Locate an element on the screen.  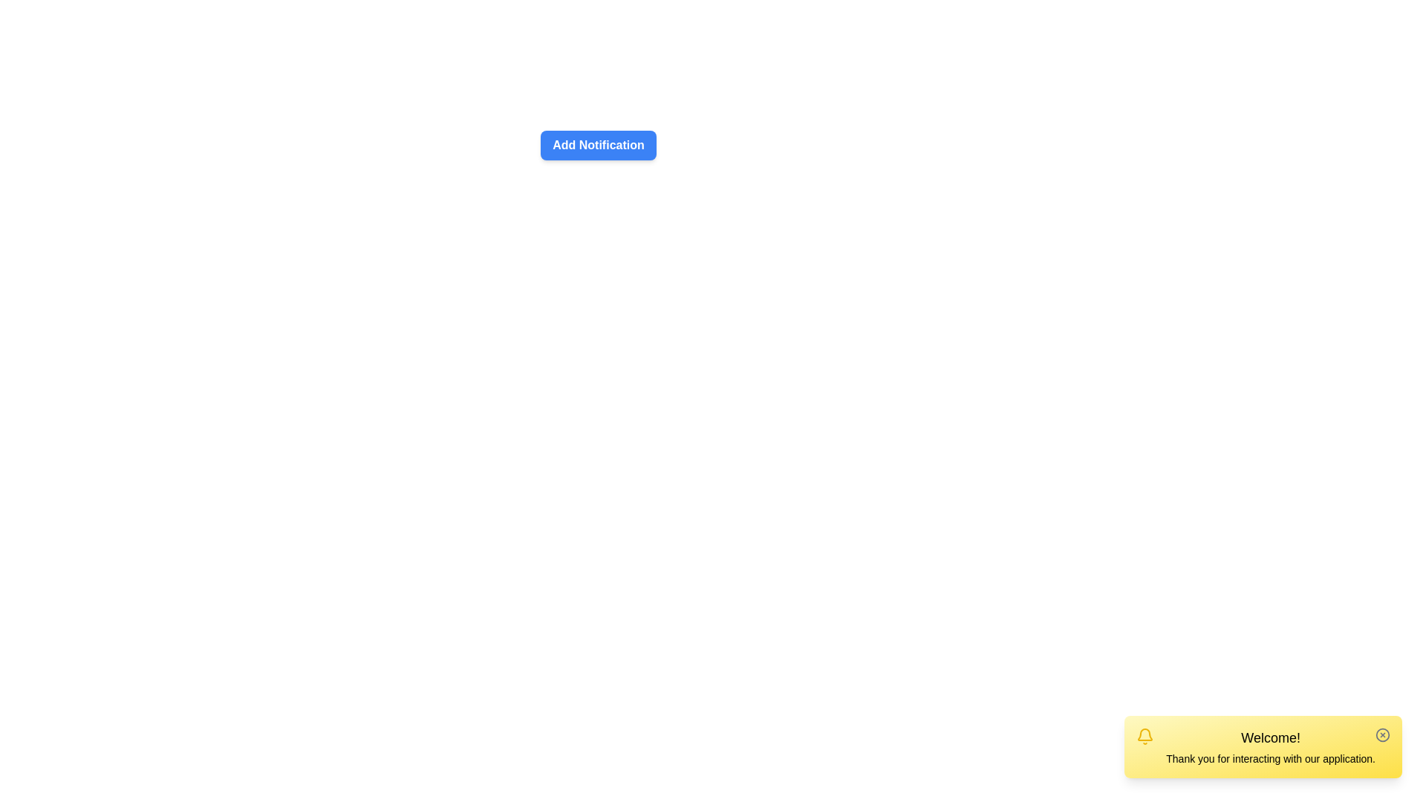
welcoming message text block that displays 'Welcome!' and 'Thank you for interacting with our application.' This text block is styled with white text over a gradient background, located at the bottom right of the application window is located at coordinates (1270, 747).